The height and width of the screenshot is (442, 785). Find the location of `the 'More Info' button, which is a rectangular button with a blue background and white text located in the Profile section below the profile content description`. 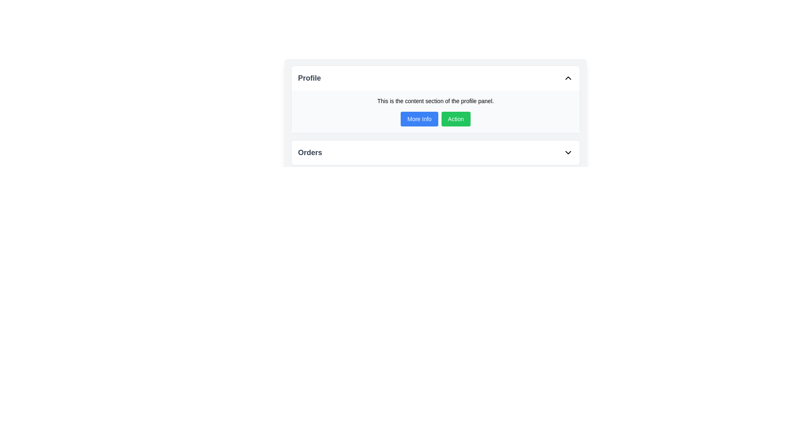

the 'More Info' button, which is a rectangular button with a blue background and white text located in the Profile section below the profile content description is located at coordinates (419, 119).